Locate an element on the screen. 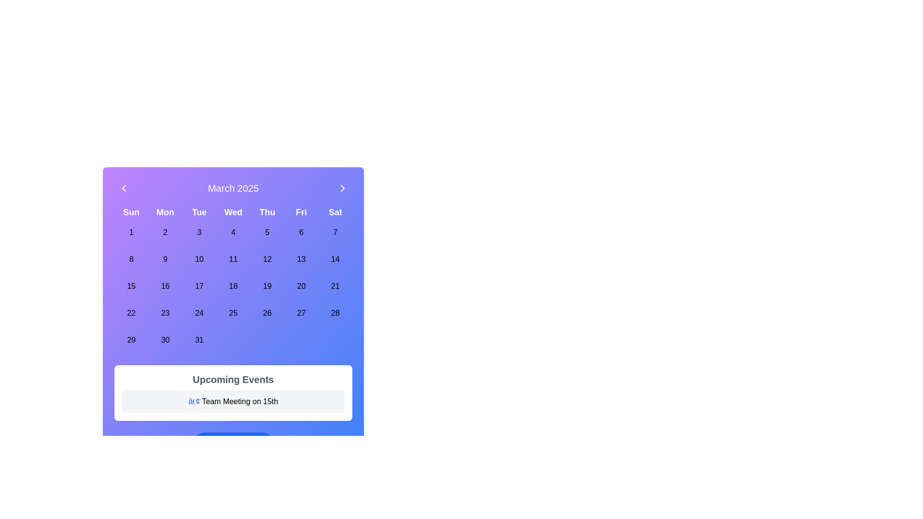 The height and width of the screenshot is (519, 923). text from the second text entry within the 'Upcoming Events' panel, which is located below the panel's title is located at coordinates (233, 402).